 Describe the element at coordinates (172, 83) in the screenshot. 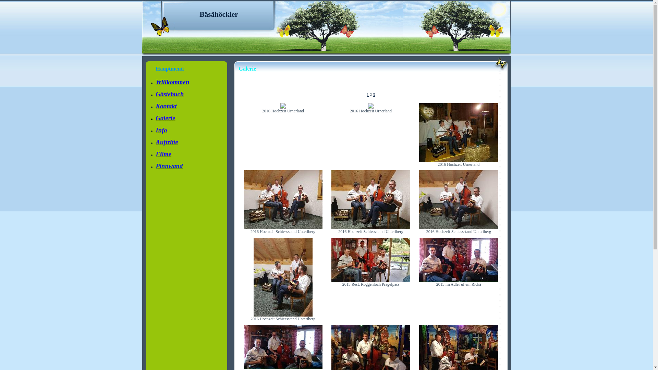

I see `'Willkommen'` at that location.